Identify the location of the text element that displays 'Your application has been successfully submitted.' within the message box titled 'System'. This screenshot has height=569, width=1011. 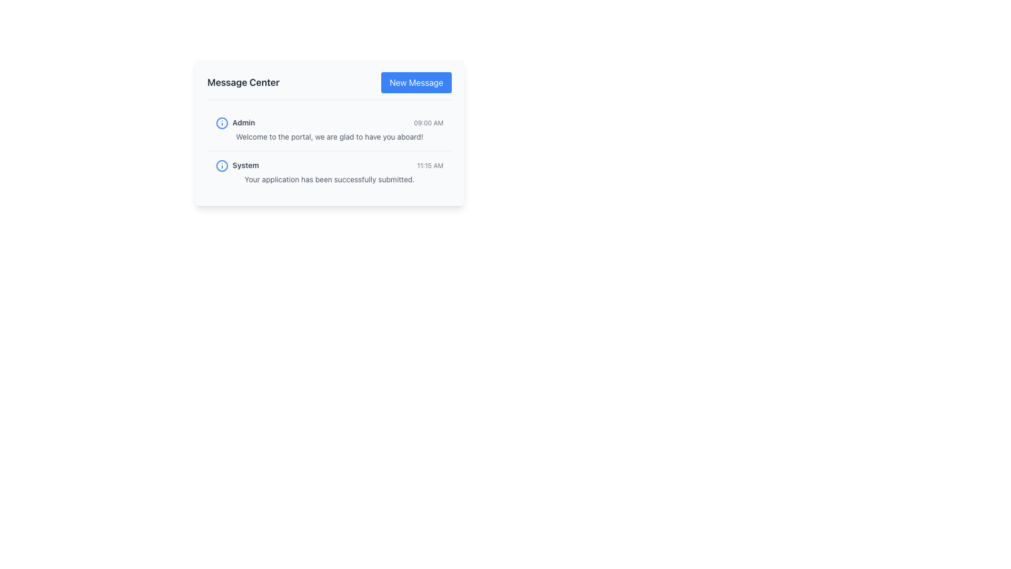
(329, 179).